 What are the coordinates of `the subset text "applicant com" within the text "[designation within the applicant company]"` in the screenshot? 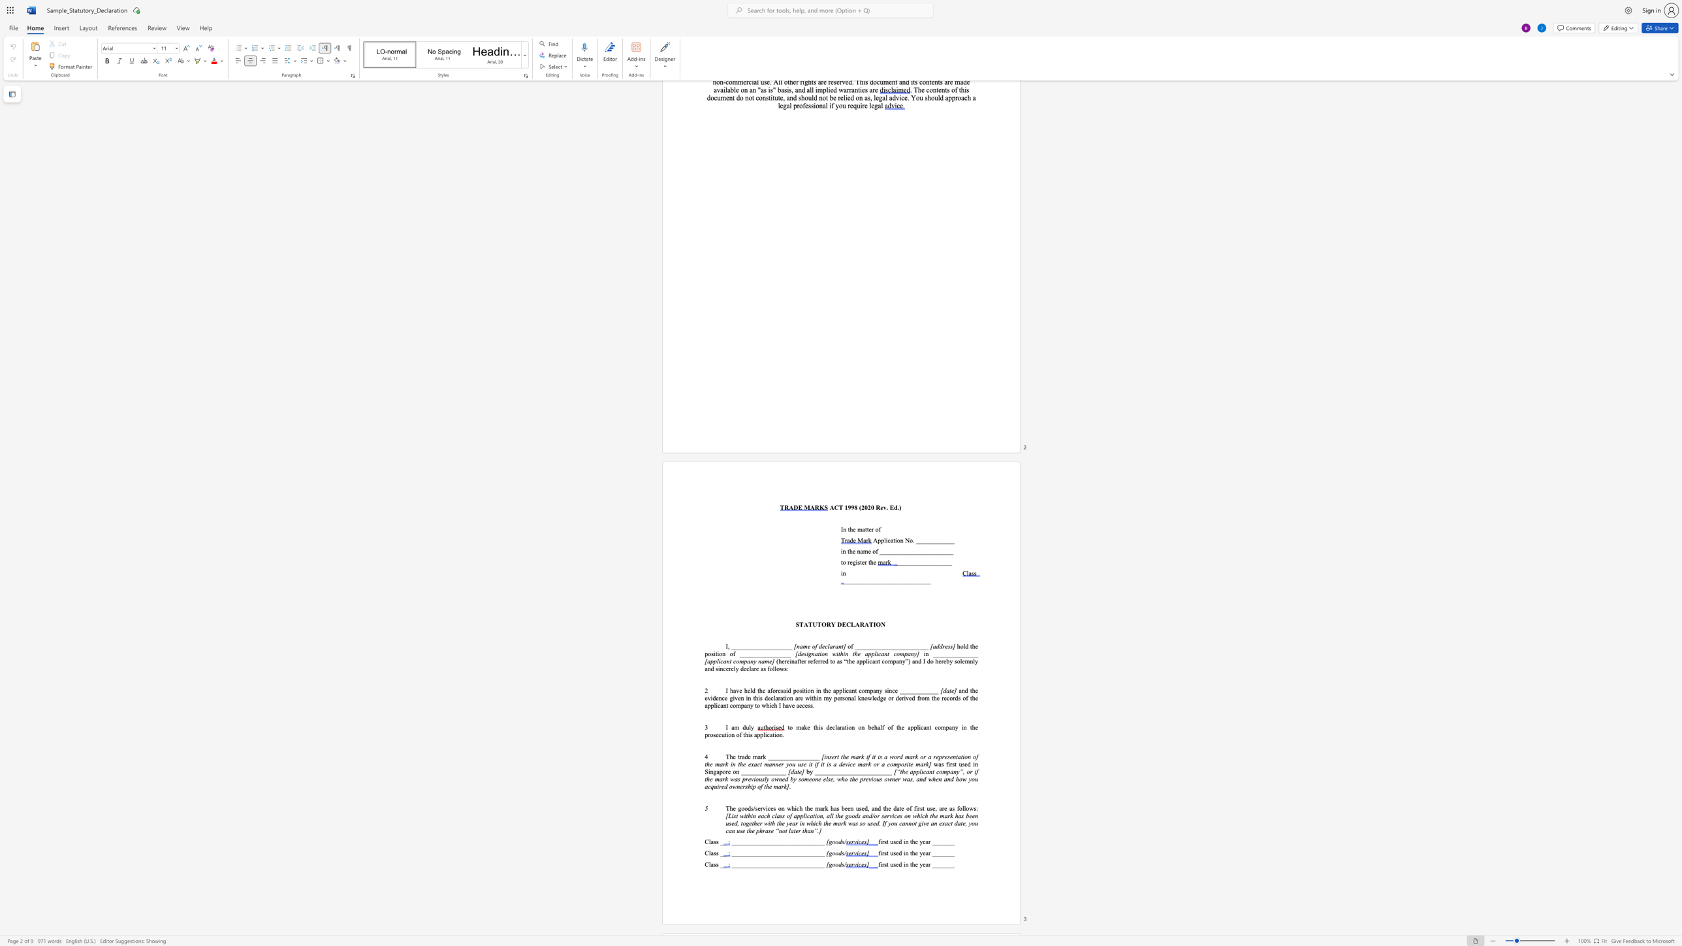 It's located at (865, 653).